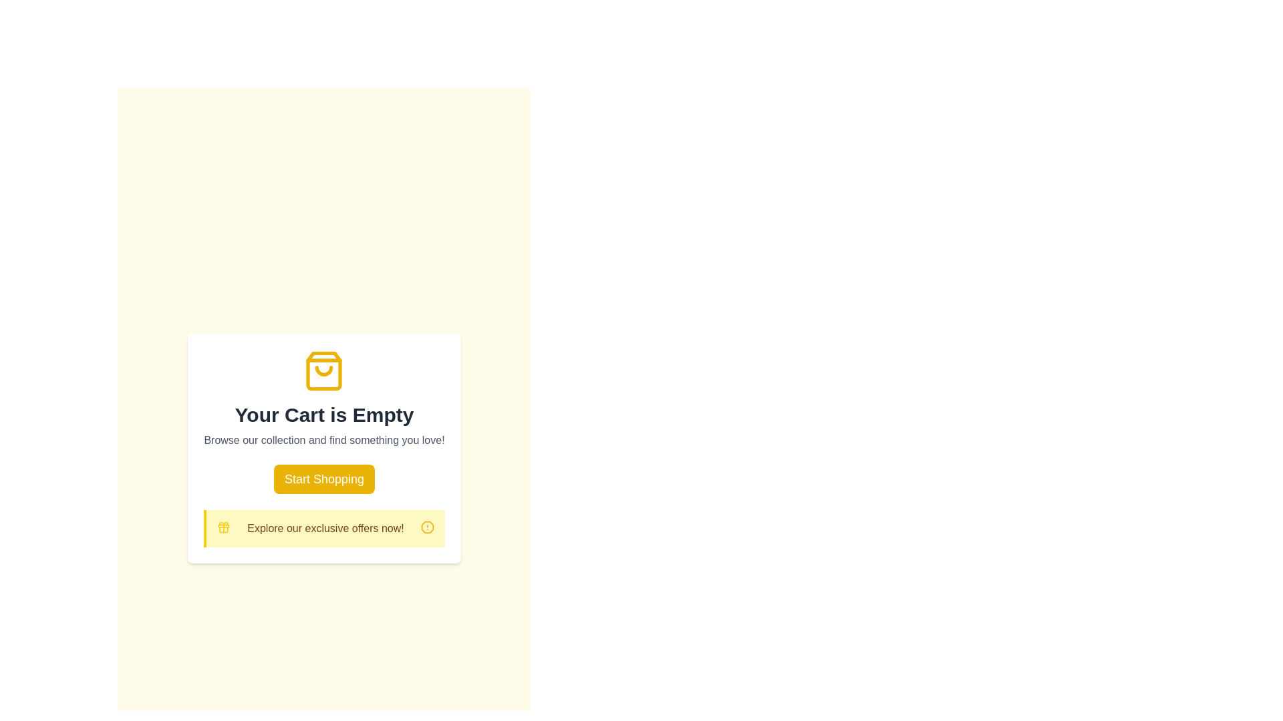 The image size is (1283, 721). Describe the element at coordinates (426, 527) in the screenshot. I see `the yellow octagonal icon with an exclamation mark located at the bottom right of the card that says 'Your Cart is Empty'` at that location.